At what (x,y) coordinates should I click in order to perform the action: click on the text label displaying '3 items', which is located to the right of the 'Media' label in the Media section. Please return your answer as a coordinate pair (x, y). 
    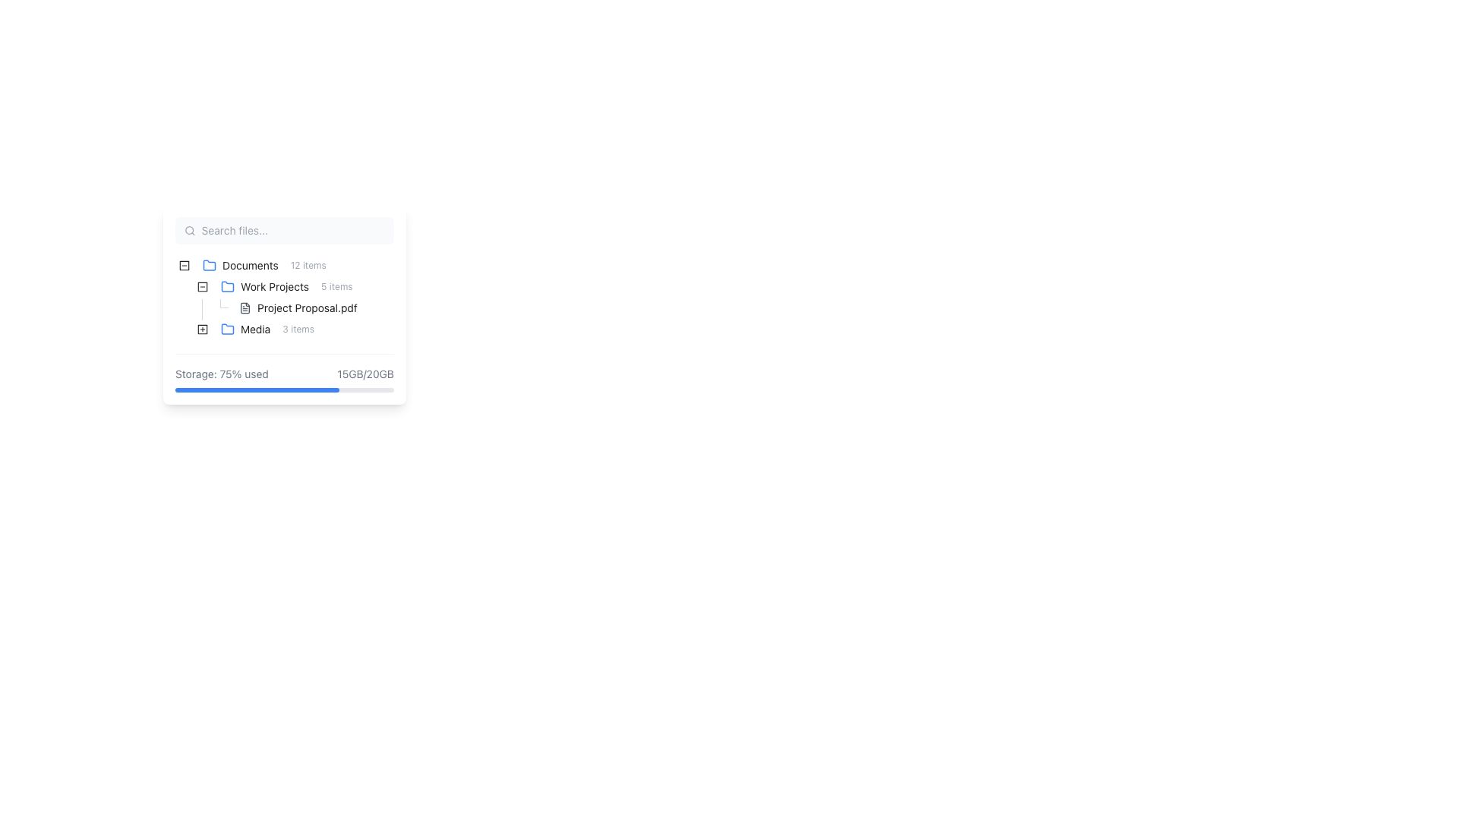
    Looking at the image, I should click on (298, 329).